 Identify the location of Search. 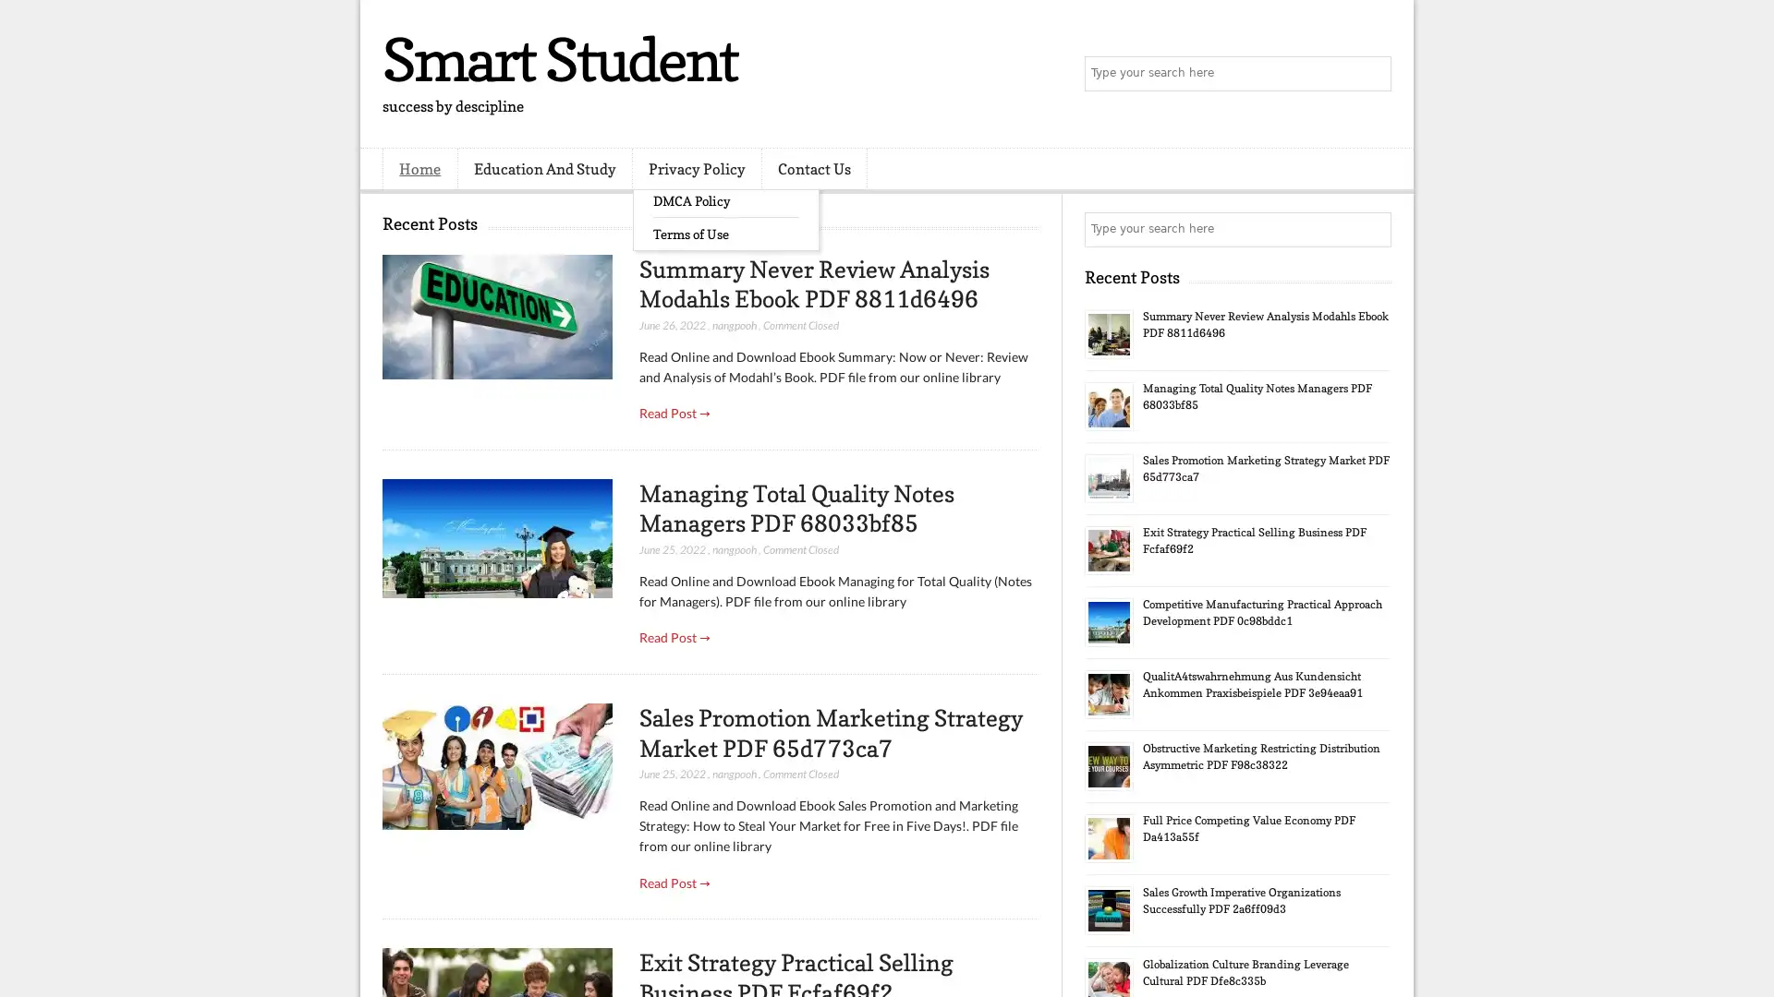
(1372, 74).